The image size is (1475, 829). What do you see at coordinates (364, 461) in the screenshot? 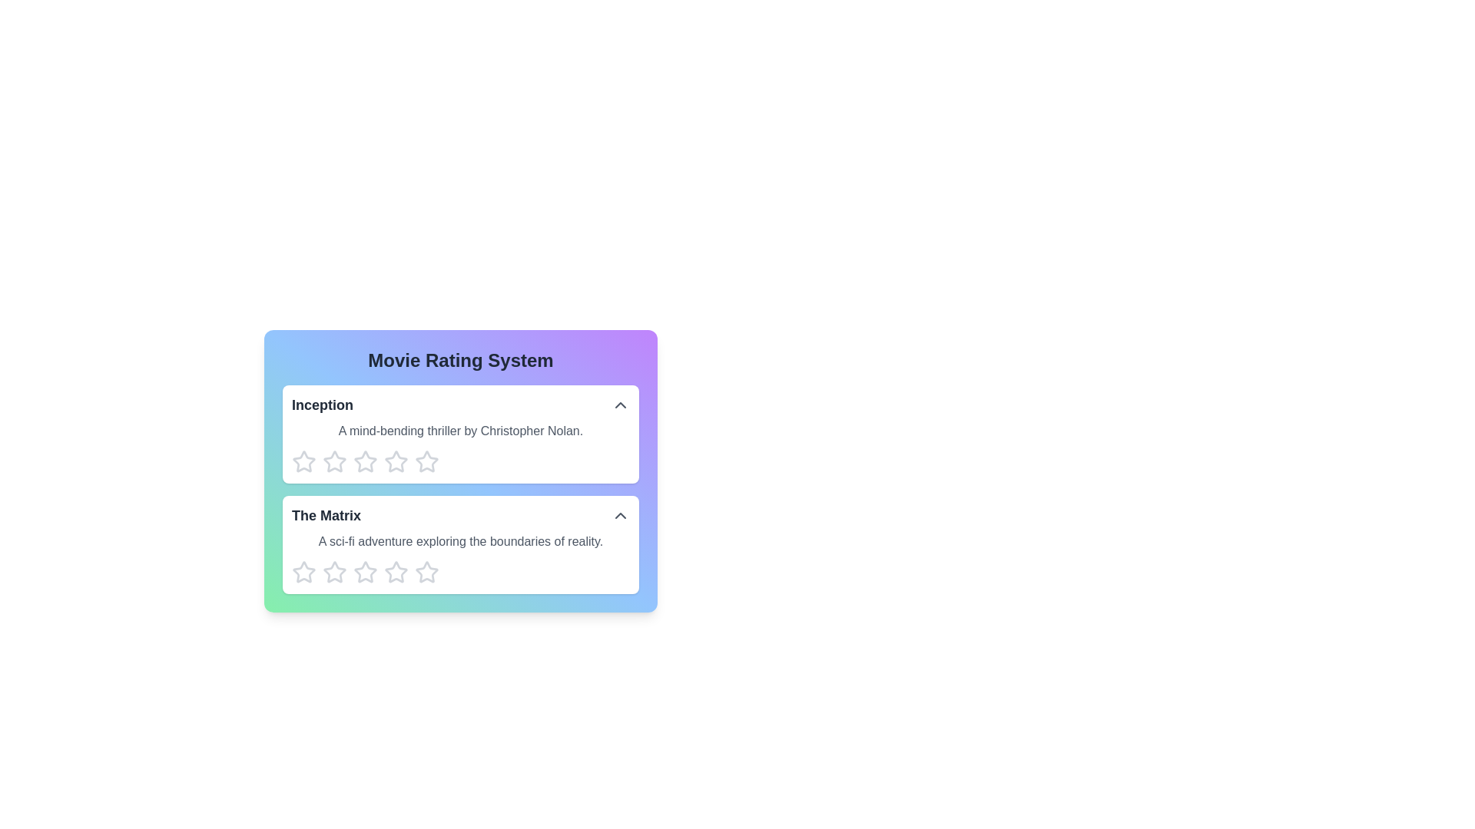
I see `the fourth interactive rating star icon in the movie rating component to rate it` at bounding box center [364, 461].